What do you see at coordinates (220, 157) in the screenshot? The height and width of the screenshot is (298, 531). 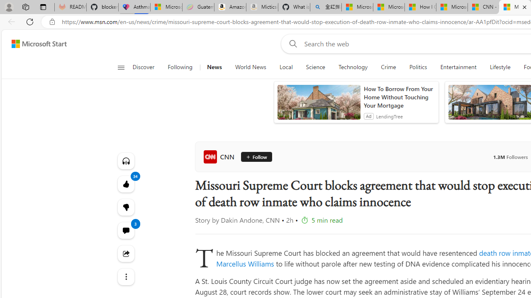 I see `'CNN'` at bounding box center [220, 157].